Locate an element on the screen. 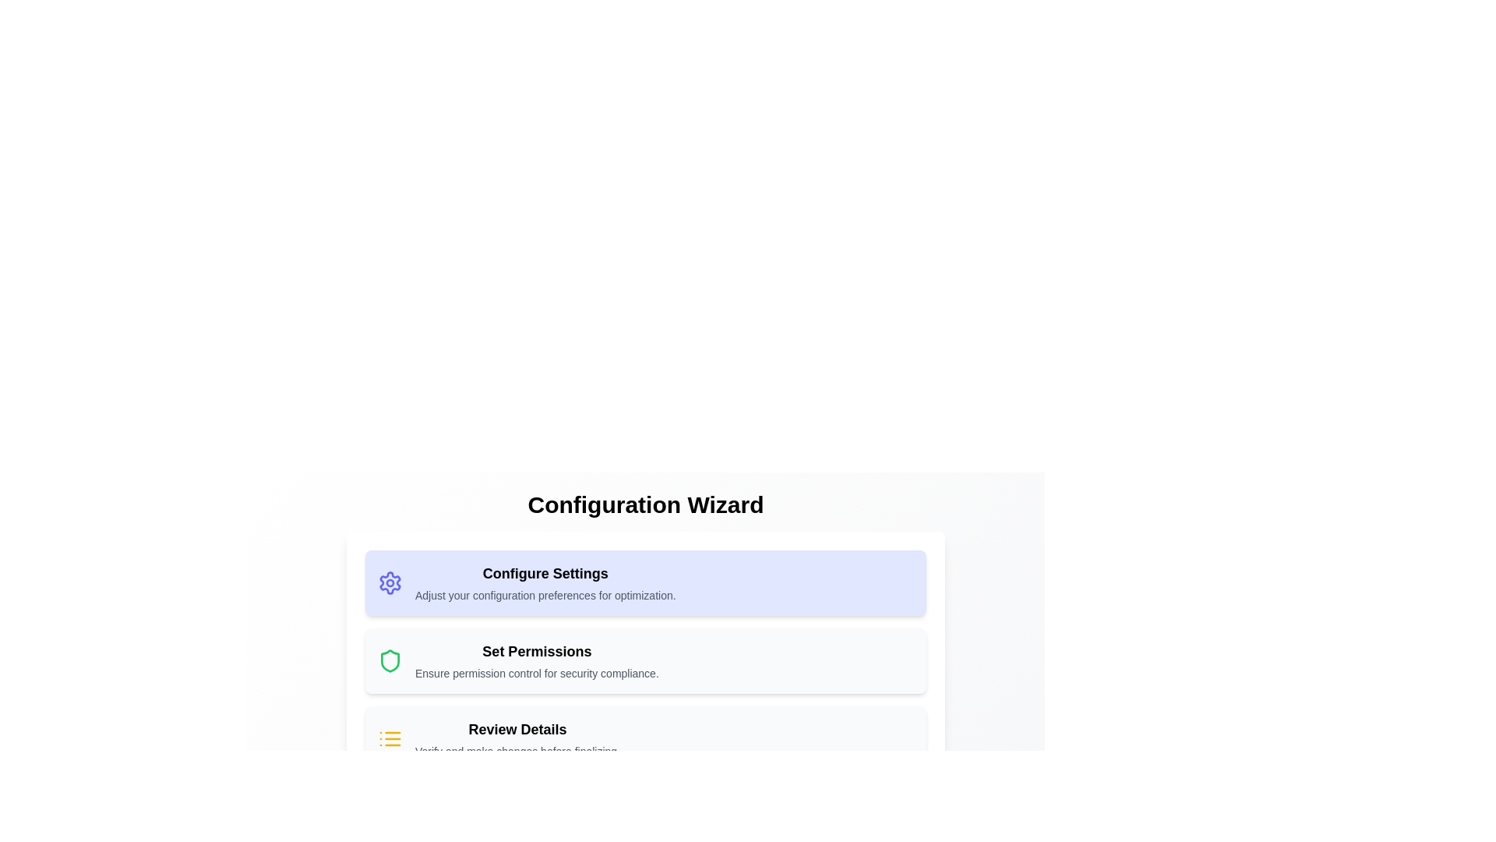  text displayed in the bold, large-sized title 'Configuration Wizard' located at the top of the interface is located at coordinates (646, 505).